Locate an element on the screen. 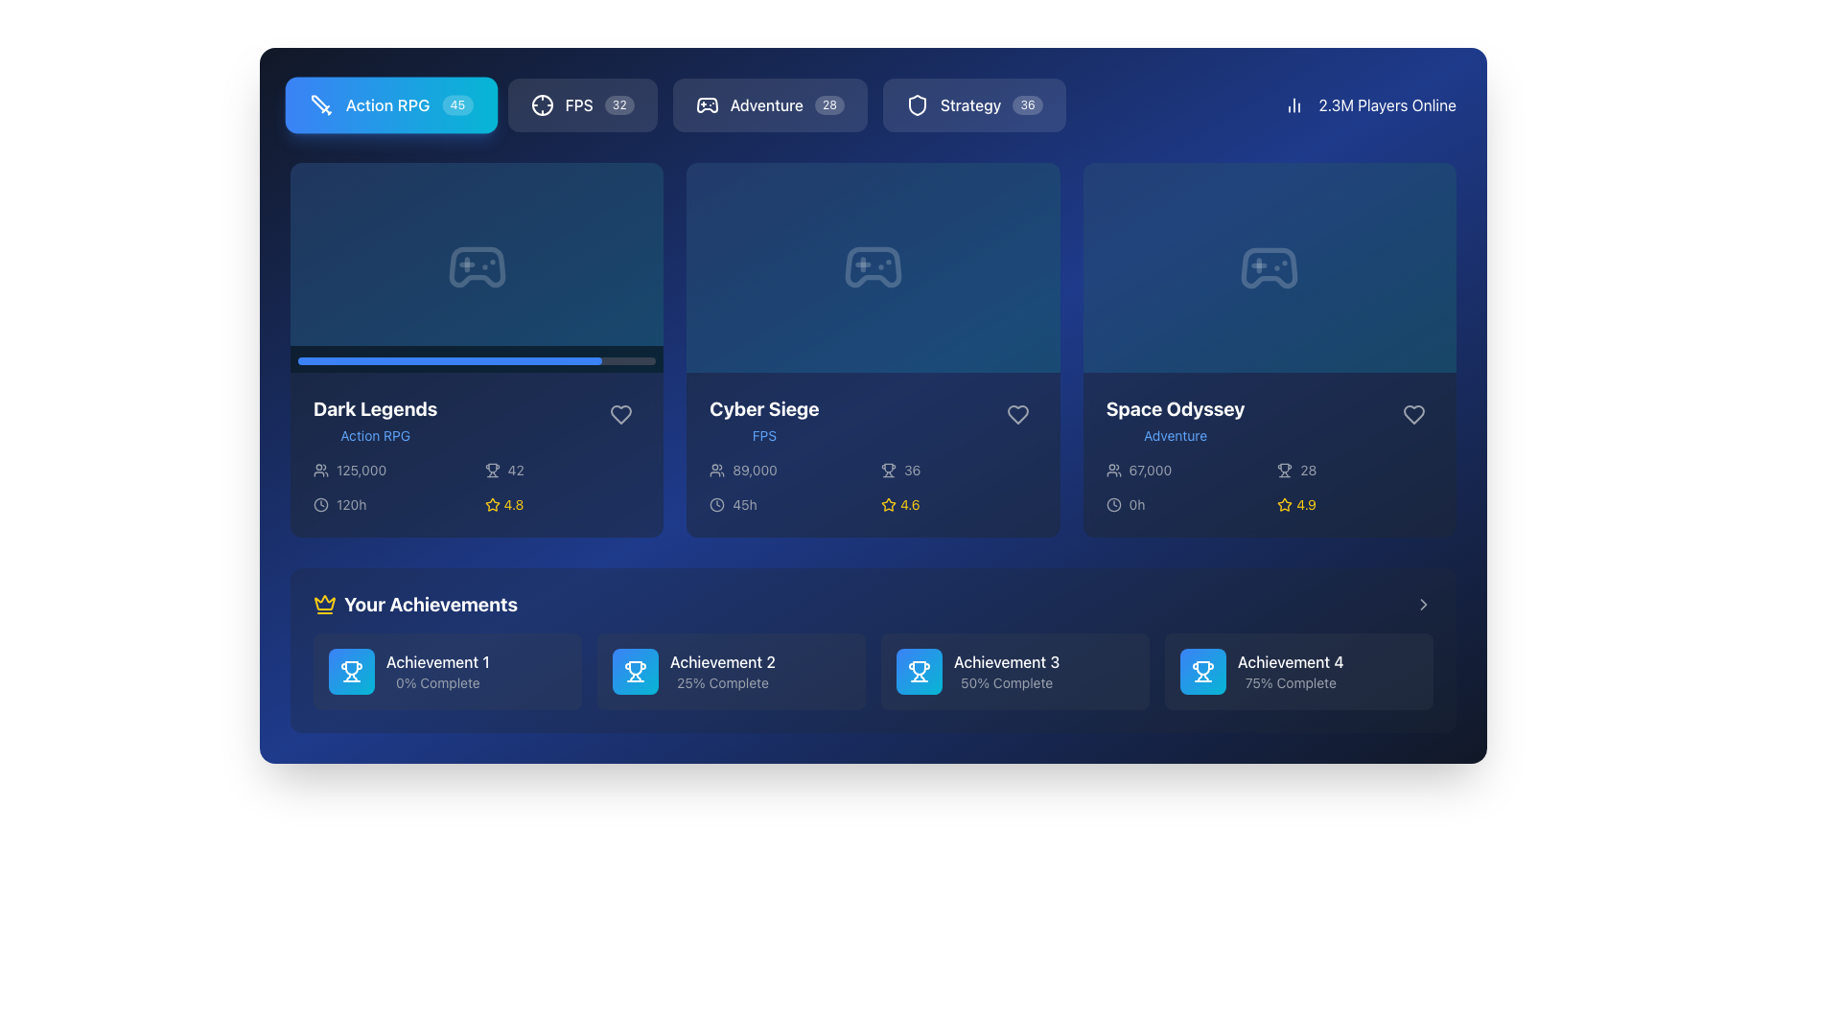 This screenshot has height=1035, width=1841. header text indicating user achievements, located at the bottom-center of the interface, above the achievements section is located at coordinates (414, 605).